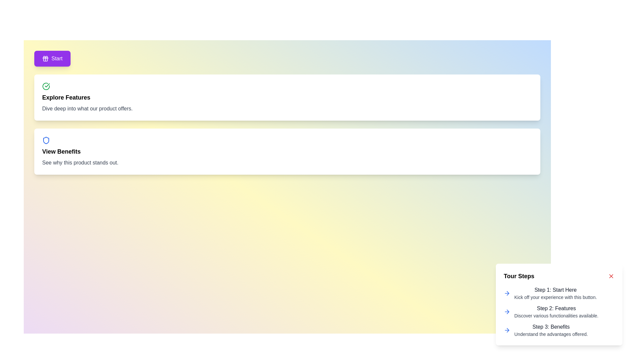  Describe the element at coordinates (57, 58) in the screenshot. I see `text content displayed in the 'Start' label within the purple button, which is located in the top-left area of the interface, adjacent to a gift icon` at that location.